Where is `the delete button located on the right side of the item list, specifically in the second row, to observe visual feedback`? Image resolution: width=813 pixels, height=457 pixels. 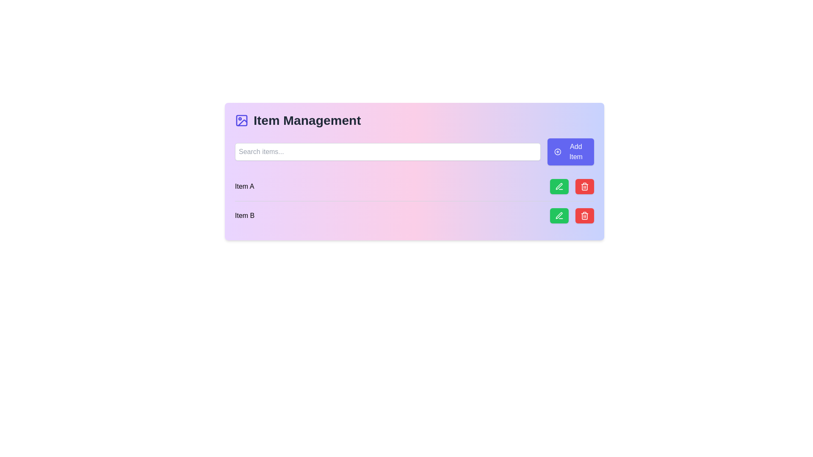
the delete button located on the right side of the item list, specifically in the second row, to observe visual feedback is located at coordinates (584, 215).